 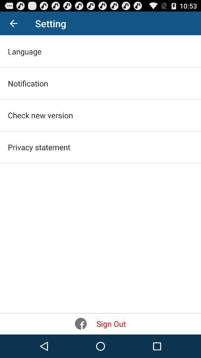 What do you see at coordinates (28, 83) in the screenshot?
I see `icon above check new version item` at bounding box center [28, 83].